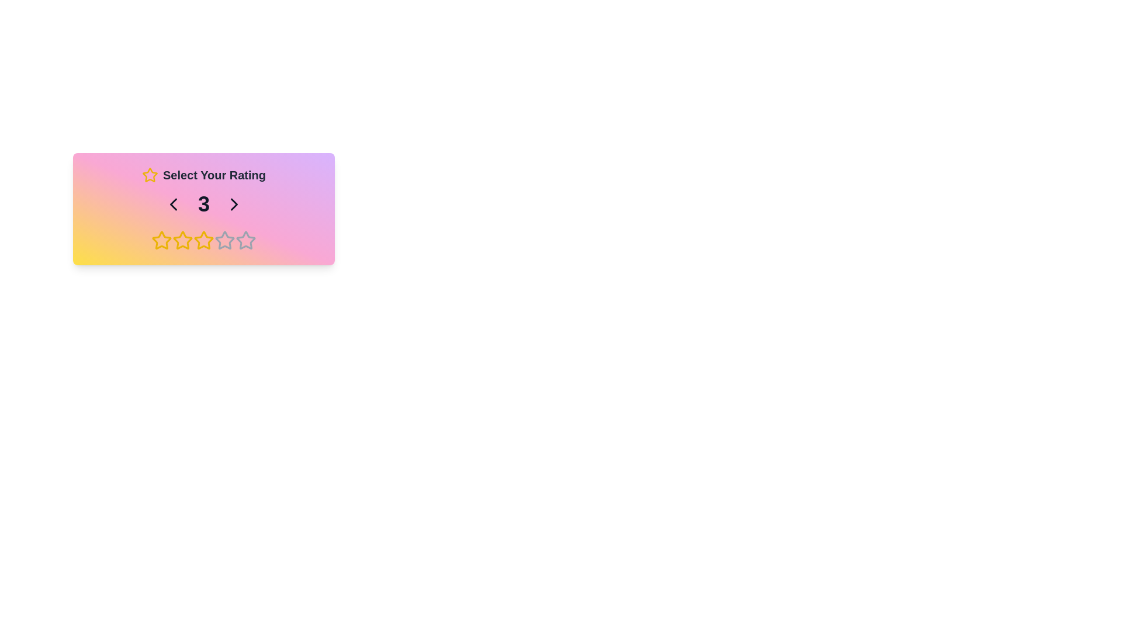  I want to click on the chevron button located immediately to the right of the numeric display to increase the rating value, so click(234, 204).